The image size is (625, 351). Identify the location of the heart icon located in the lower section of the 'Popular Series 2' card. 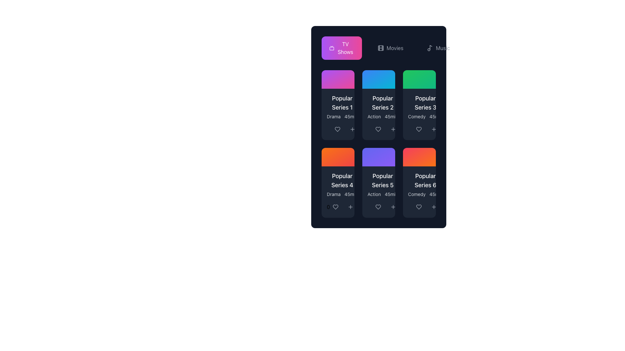
(378, 129).